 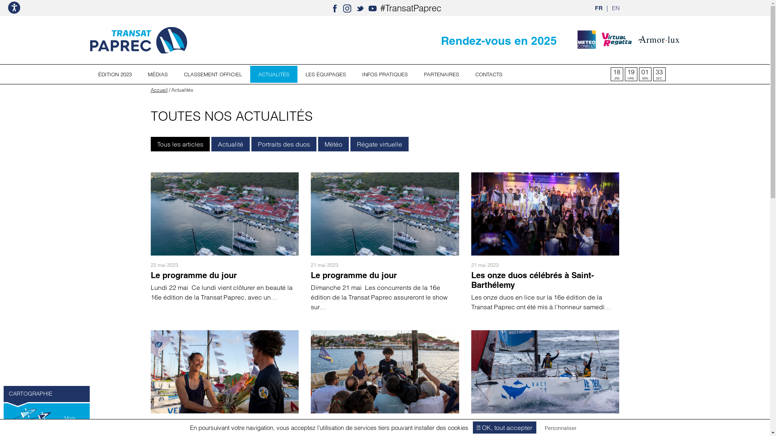 I want to click on 'FR', so click(x=599, y=8).